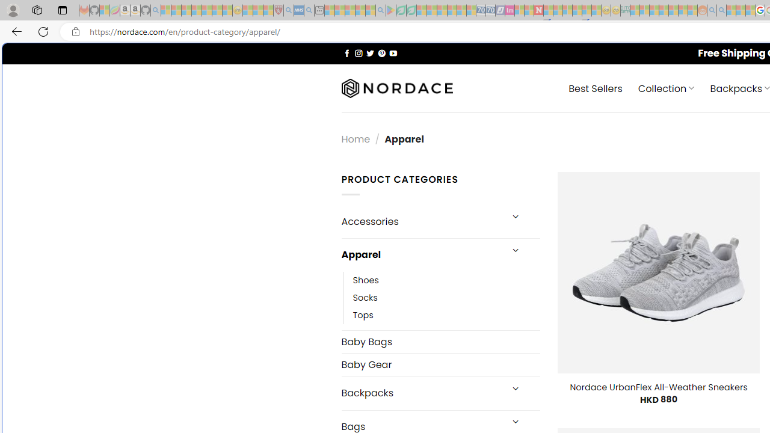  I want to click on 'Terms of Use Agreement - Sleeping', so click(401, 10).